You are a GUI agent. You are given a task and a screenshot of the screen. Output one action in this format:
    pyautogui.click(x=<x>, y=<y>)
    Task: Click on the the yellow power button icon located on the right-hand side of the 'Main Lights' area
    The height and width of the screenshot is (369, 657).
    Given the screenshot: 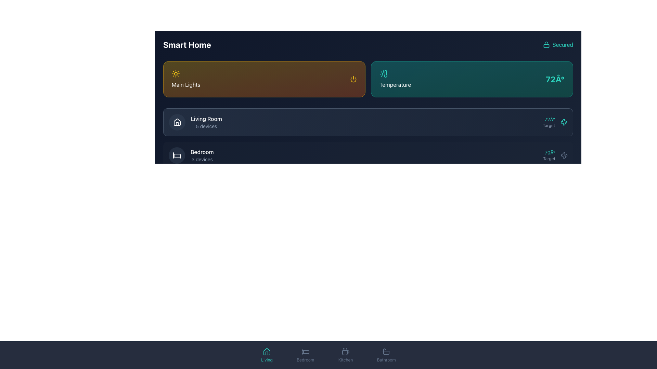 What is the action you would take?
    pyautogui.click(x=353, y=79)
    